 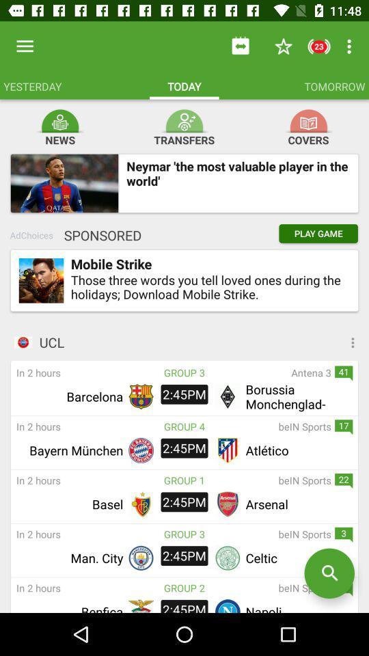 I want to click on the group 4 icon, so click(x=184, y=426).